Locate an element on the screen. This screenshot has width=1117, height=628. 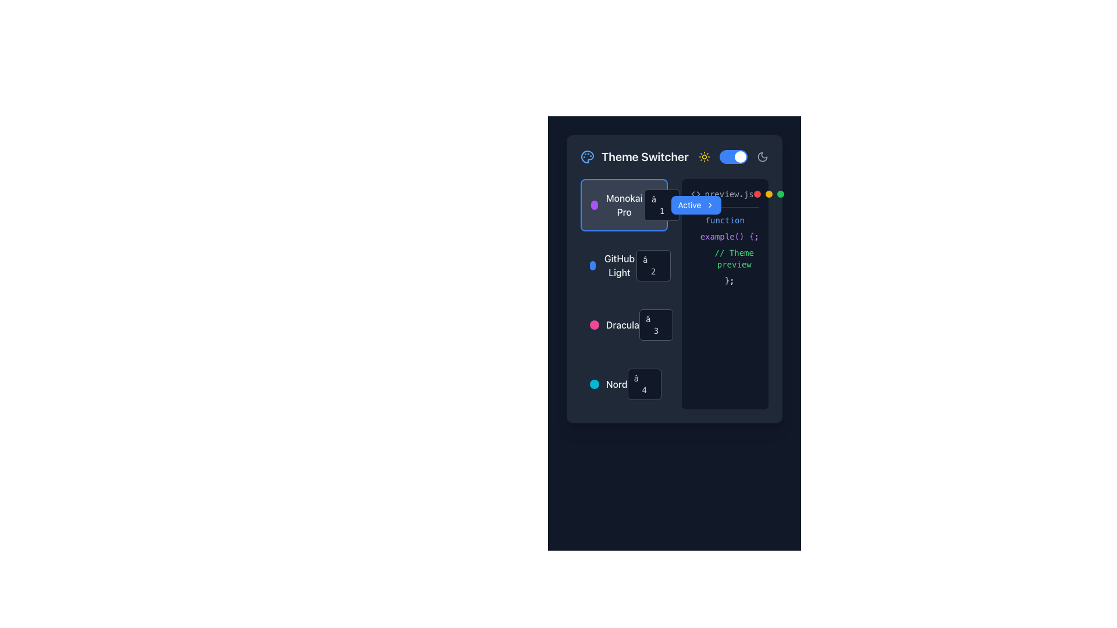
the leftmost circular indicator that suggests an active or error state, located towards the upper-right of the interface is located at coordinates (757, 194).